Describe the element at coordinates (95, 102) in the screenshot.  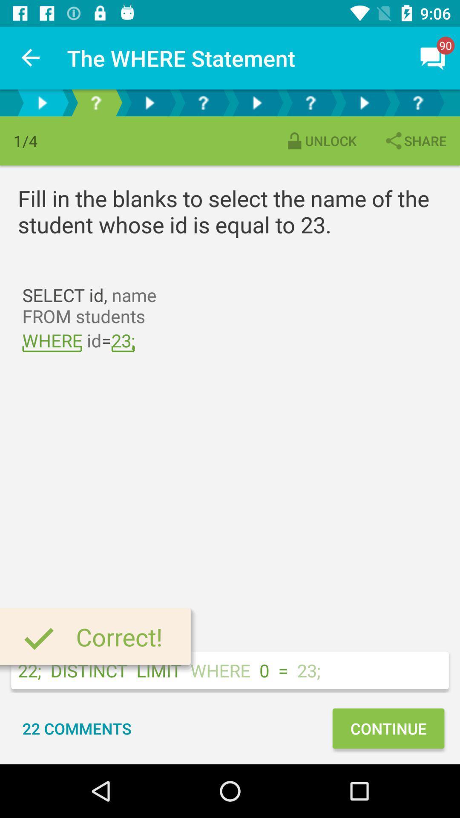
I see `help` at that location.